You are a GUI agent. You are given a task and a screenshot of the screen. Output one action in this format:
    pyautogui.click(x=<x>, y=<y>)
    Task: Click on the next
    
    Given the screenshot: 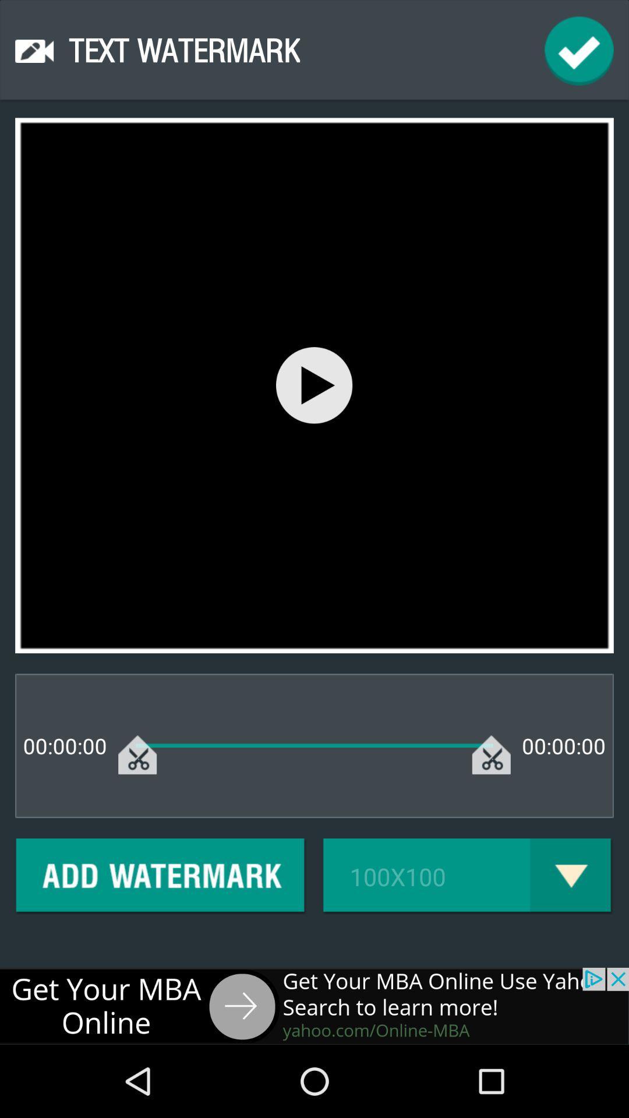 What is the action you would take?
    pyautogui.click(x=314, y=1005)
    